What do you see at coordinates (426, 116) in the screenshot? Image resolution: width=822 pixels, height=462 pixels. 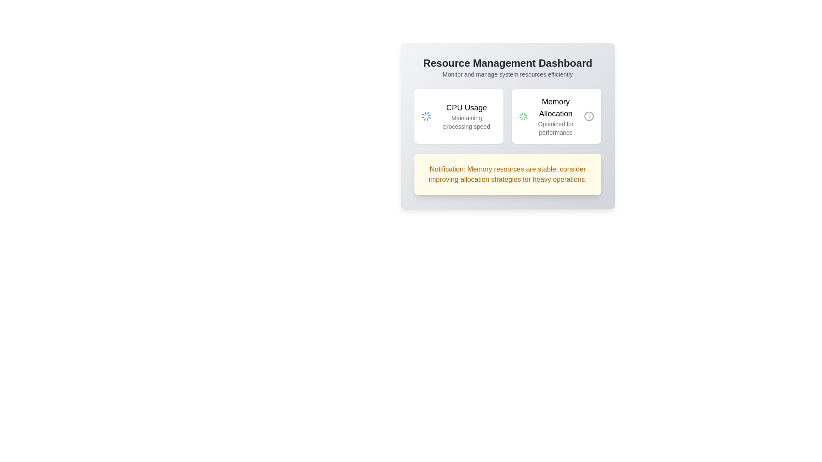 I see `the animation of the animated visual indicator icon located to the left of the 'CPU Usage' text within the 'CPU Usage' card` at bounding box center [426, 116].